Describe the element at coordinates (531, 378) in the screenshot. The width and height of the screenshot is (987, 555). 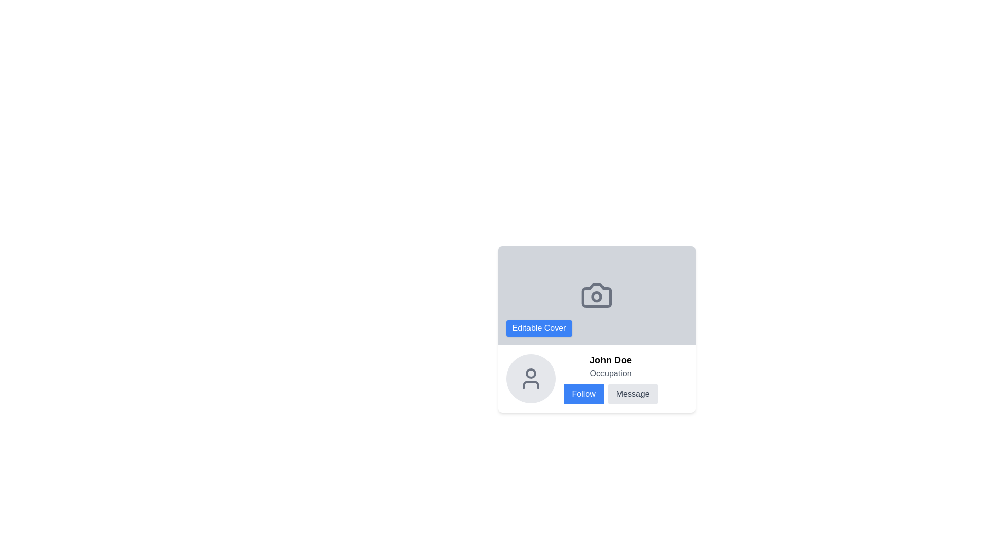
I see `the circular gray Image Placeholder with a rounded profile icon located in the left-half of the profile card section` at that location.